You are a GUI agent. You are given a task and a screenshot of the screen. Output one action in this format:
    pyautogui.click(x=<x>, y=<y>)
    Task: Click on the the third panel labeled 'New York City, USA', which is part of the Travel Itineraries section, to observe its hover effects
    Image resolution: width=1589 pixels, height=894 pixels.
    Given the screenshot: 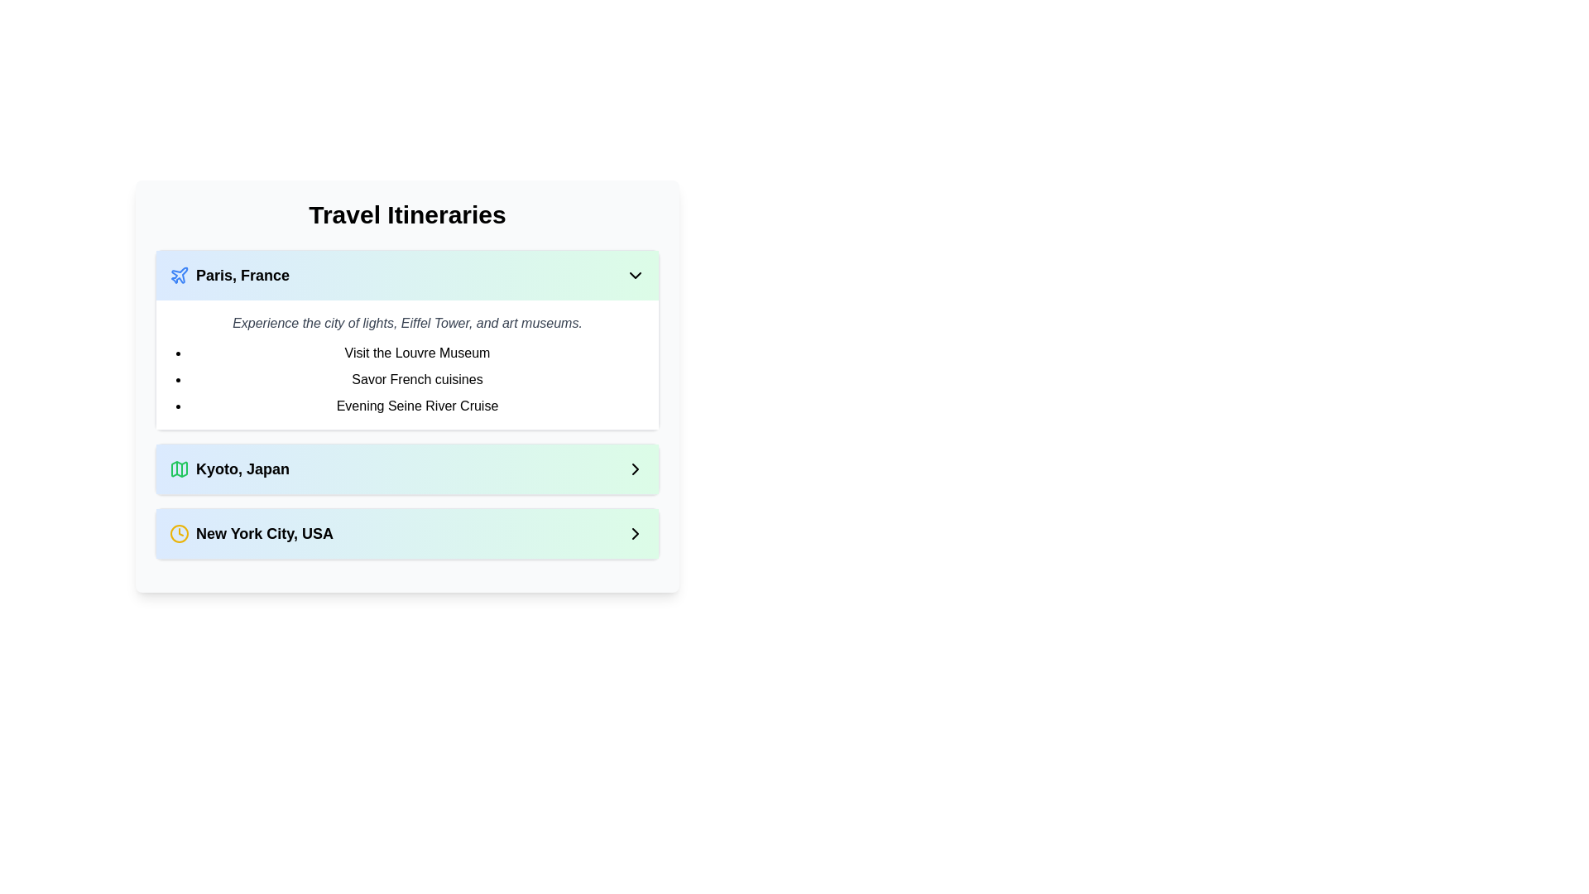 What is the action you would take?
    pyautogui.click(x=407, y=533)
    